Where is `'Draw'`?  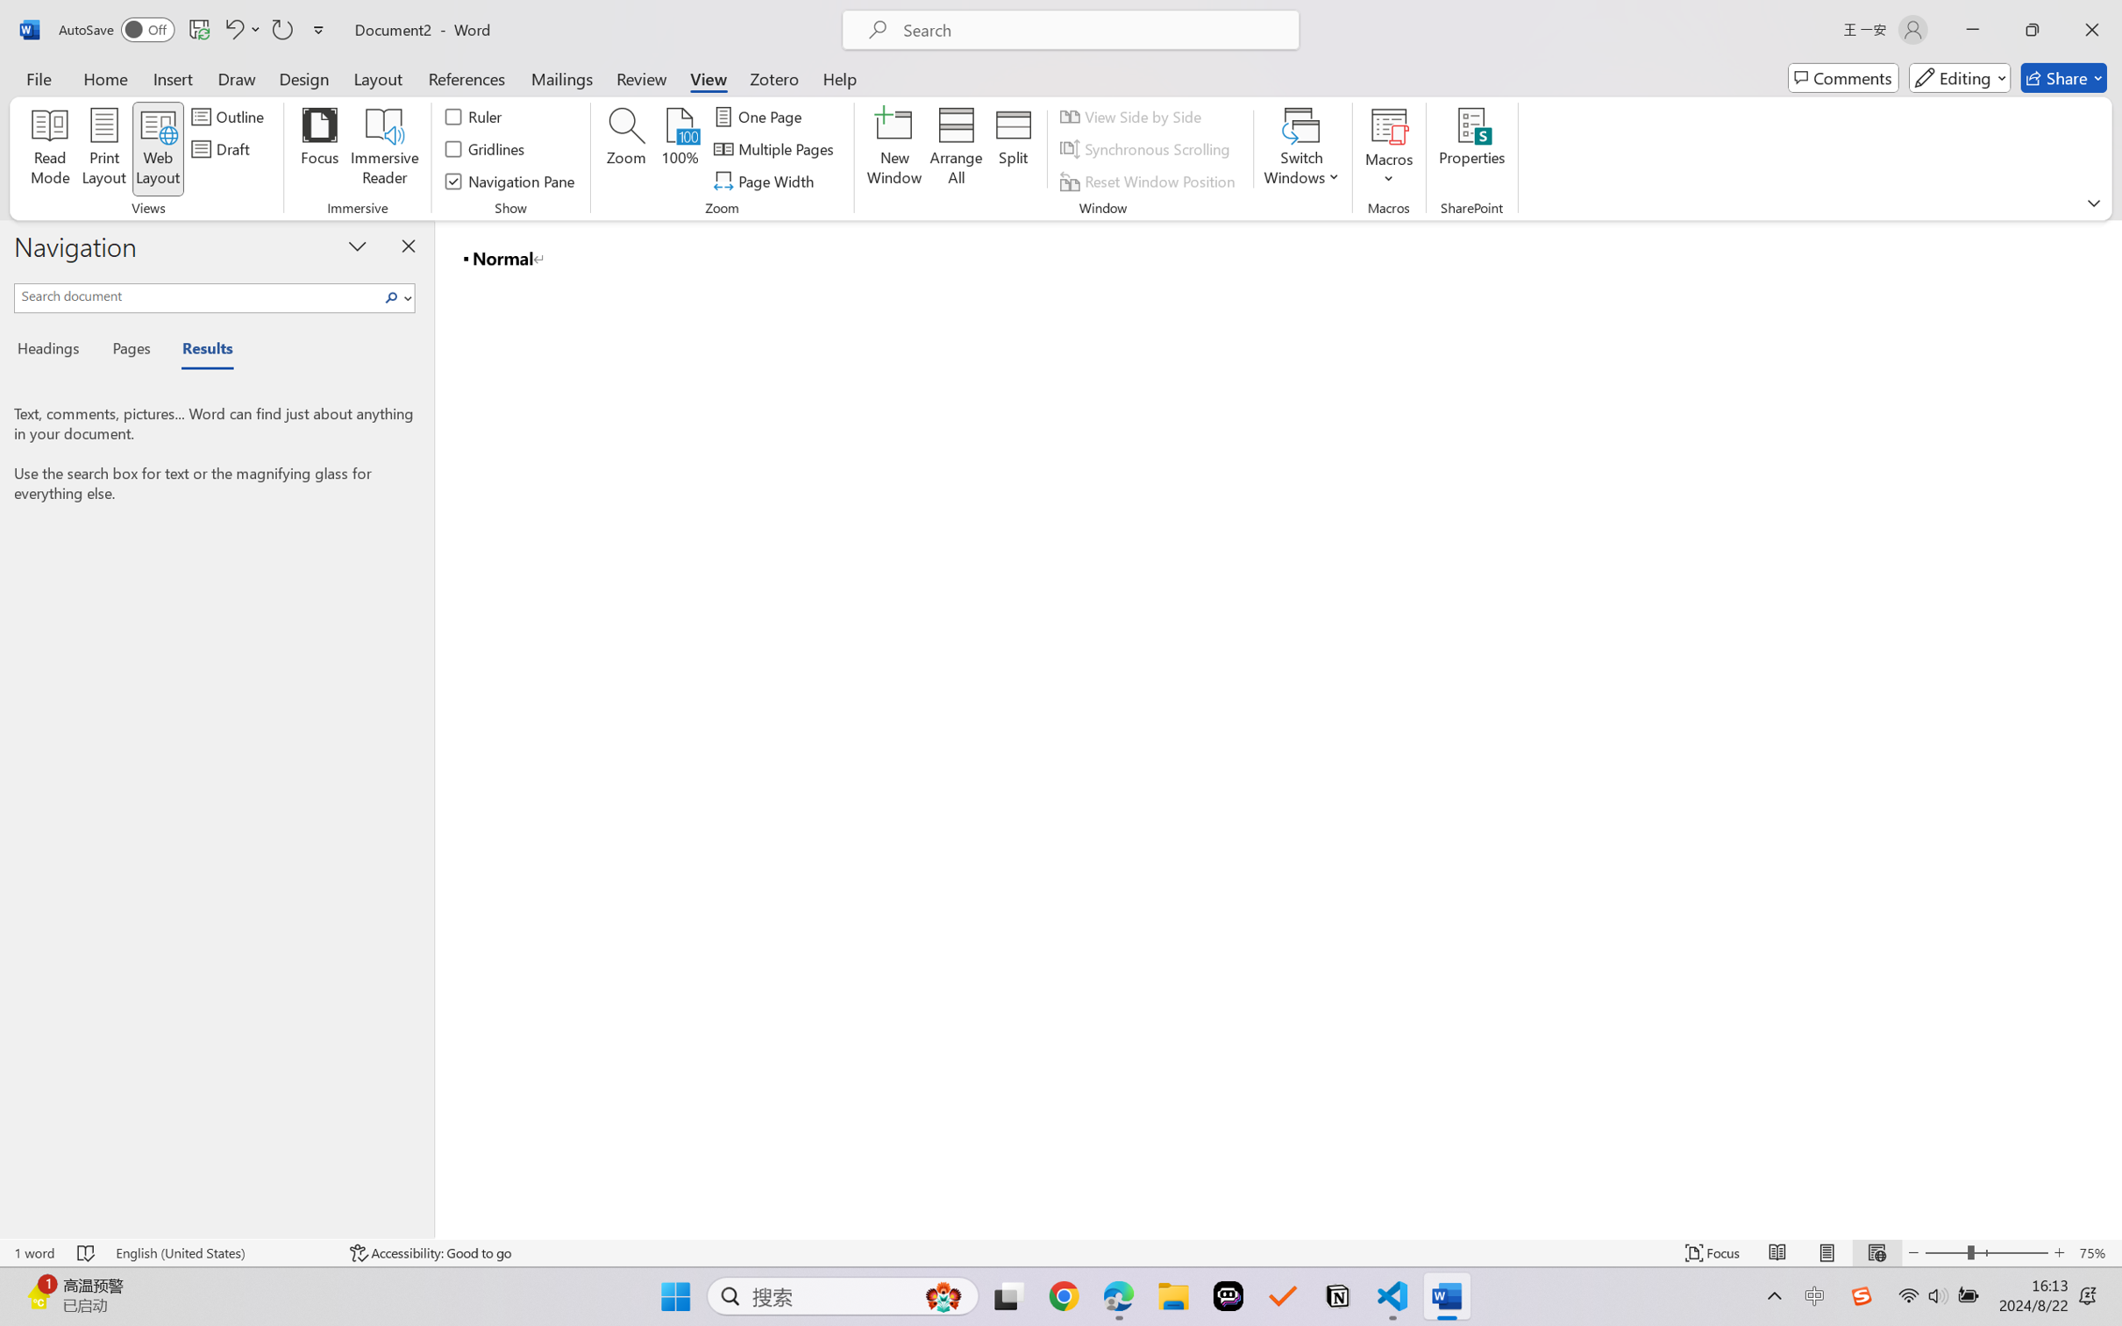 'Draw' is located at coordinates (237, 77).